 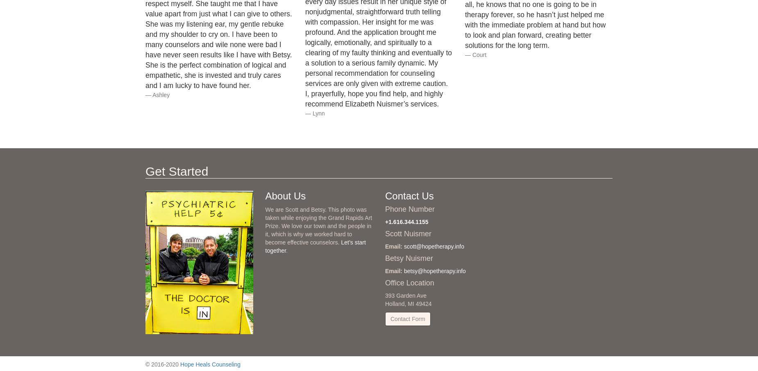 What do you see at coordinates (377, 83) in the screenshot?
I see `'My personal recommendation for counseling services are only given with extreme caution. I, prayerfully, hope you find help, and highly recommend Elizabeth Nuismer’s services.'` at bounding box center [377, 83].